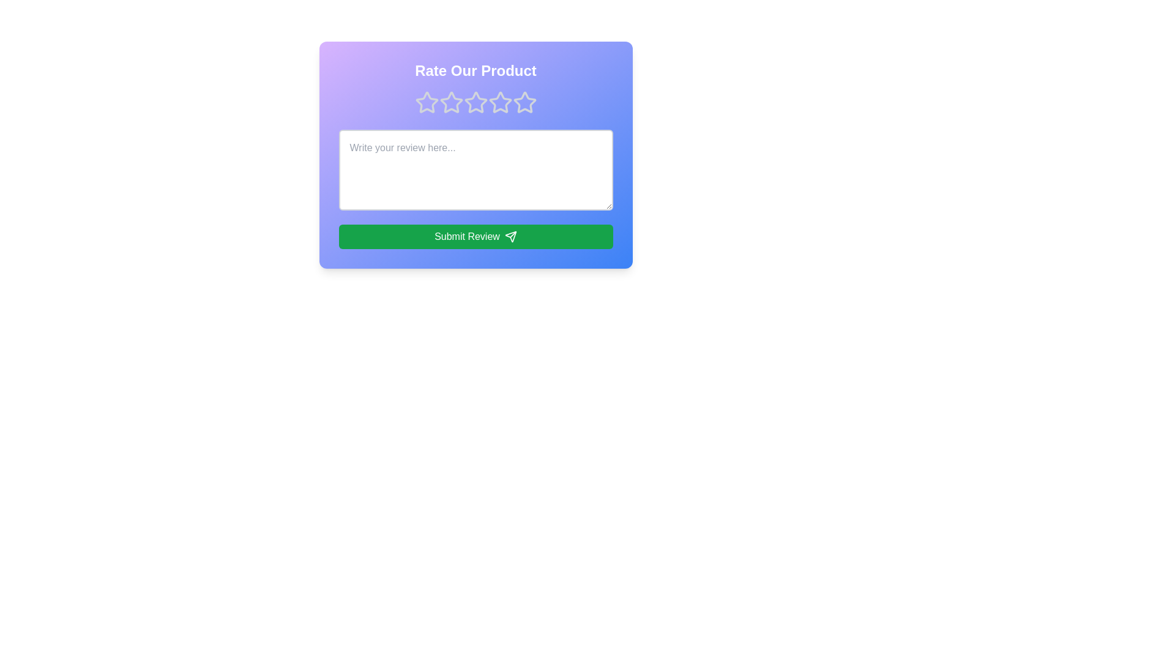 This screenshot has height=661, width=1175. Describe the element at coordinates (475, 102) in the screenshot. I see `the third star icon in the row of five stars under the 'Rate Our Product' heading` at that location.